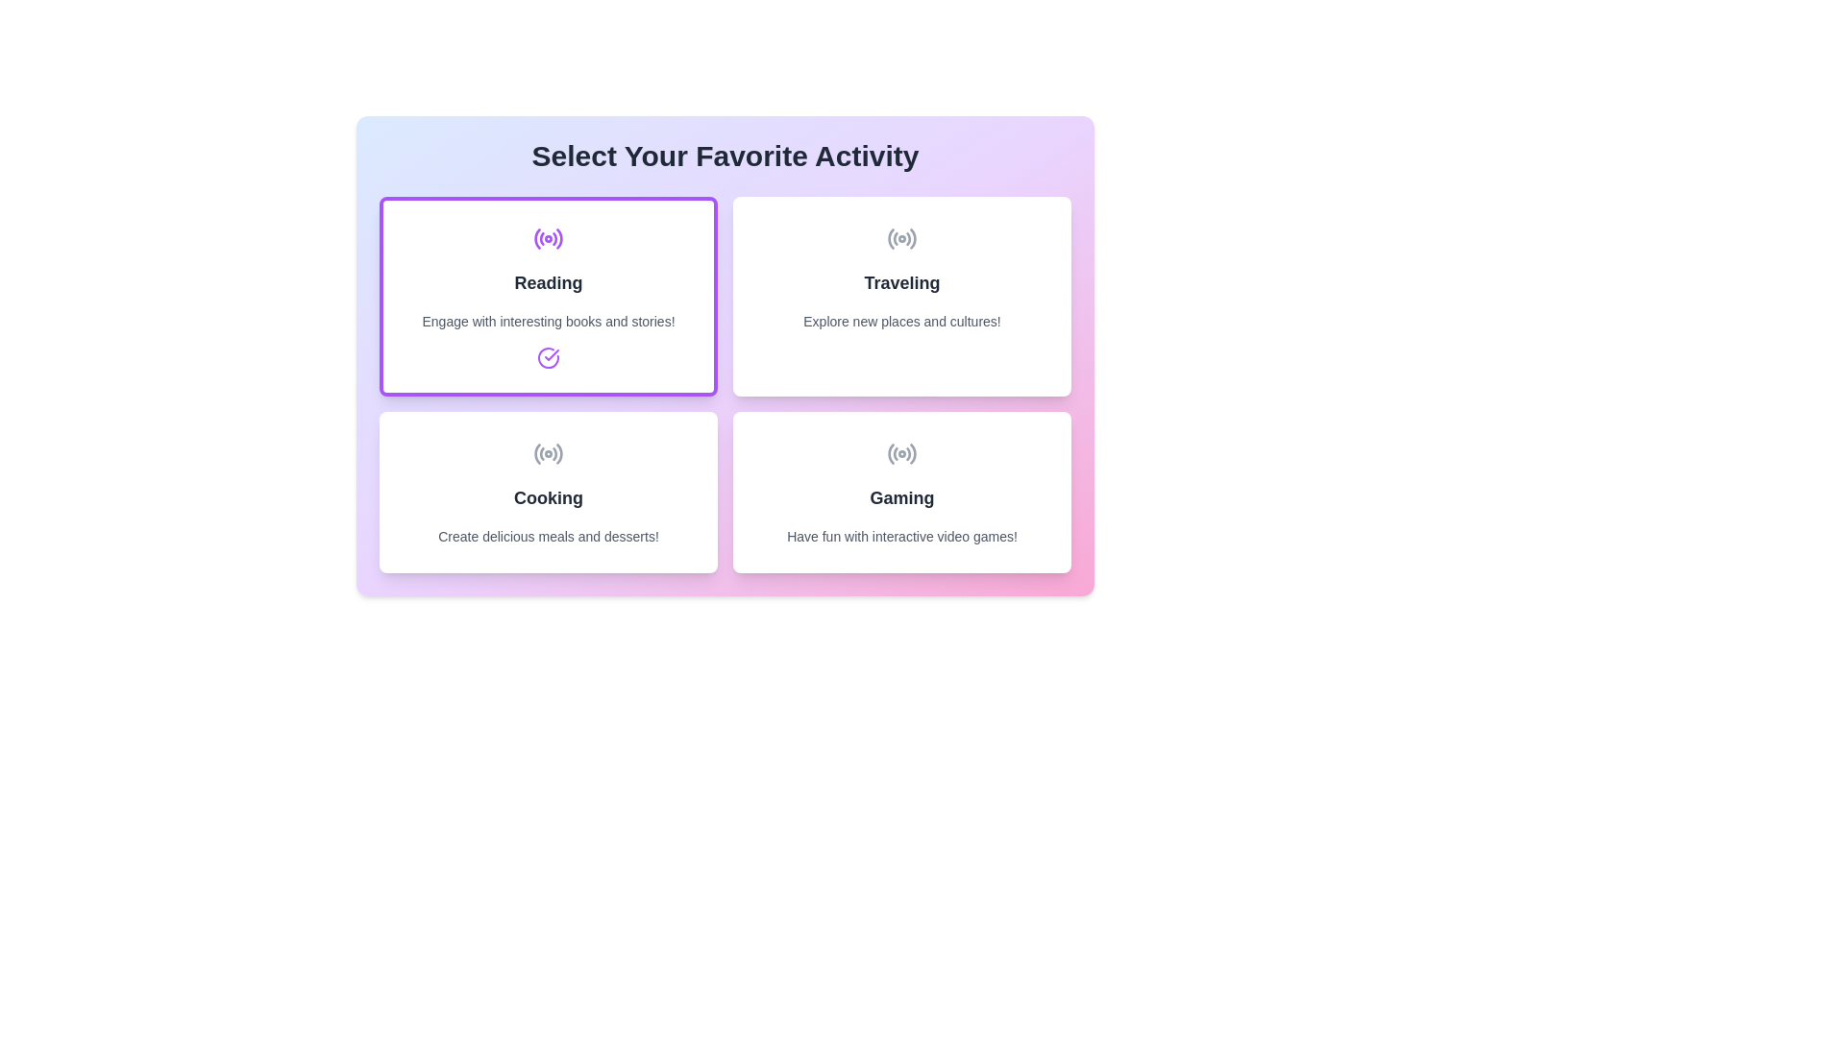  Describe the element at coordinates (901, 537) in the screenshot. I see `the descriptive subtitle or hint text located beneath the 'Gaming' heading in the rectangular card labeled 'Gaming', which is the fourth item in a 2x2 grid layout` at that location.